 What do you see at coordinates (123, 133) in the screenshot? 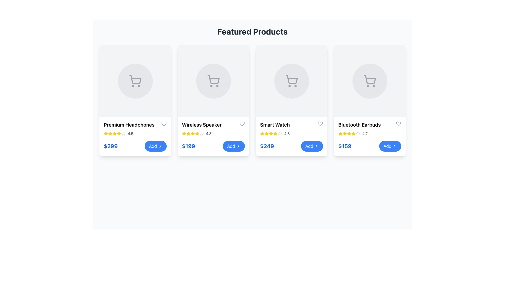
I see `the star icon, which is the last in a sequence of five stars representing a rating system below the 'Premium Headphones' product card. The icon is styled with a hollow design and light gray coloring, indicating an unrated state` at bounding box center [123, 133].